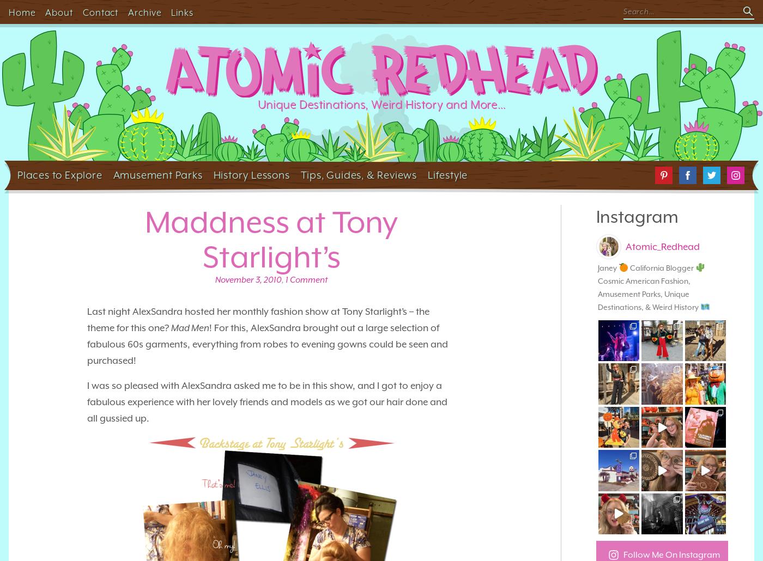 This screenshot has height=561, width=763. I want to click on 'Maddness at Tony Starlight’s', so click(271, 239).